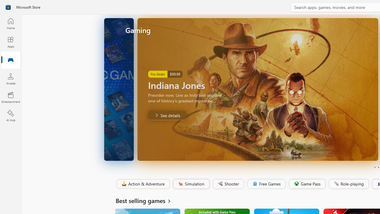 The height and width of the screenshot is (214, 380). Describe the element at coordinates (378, 167) in the screenshot. I see `'Page 2'` at that location.